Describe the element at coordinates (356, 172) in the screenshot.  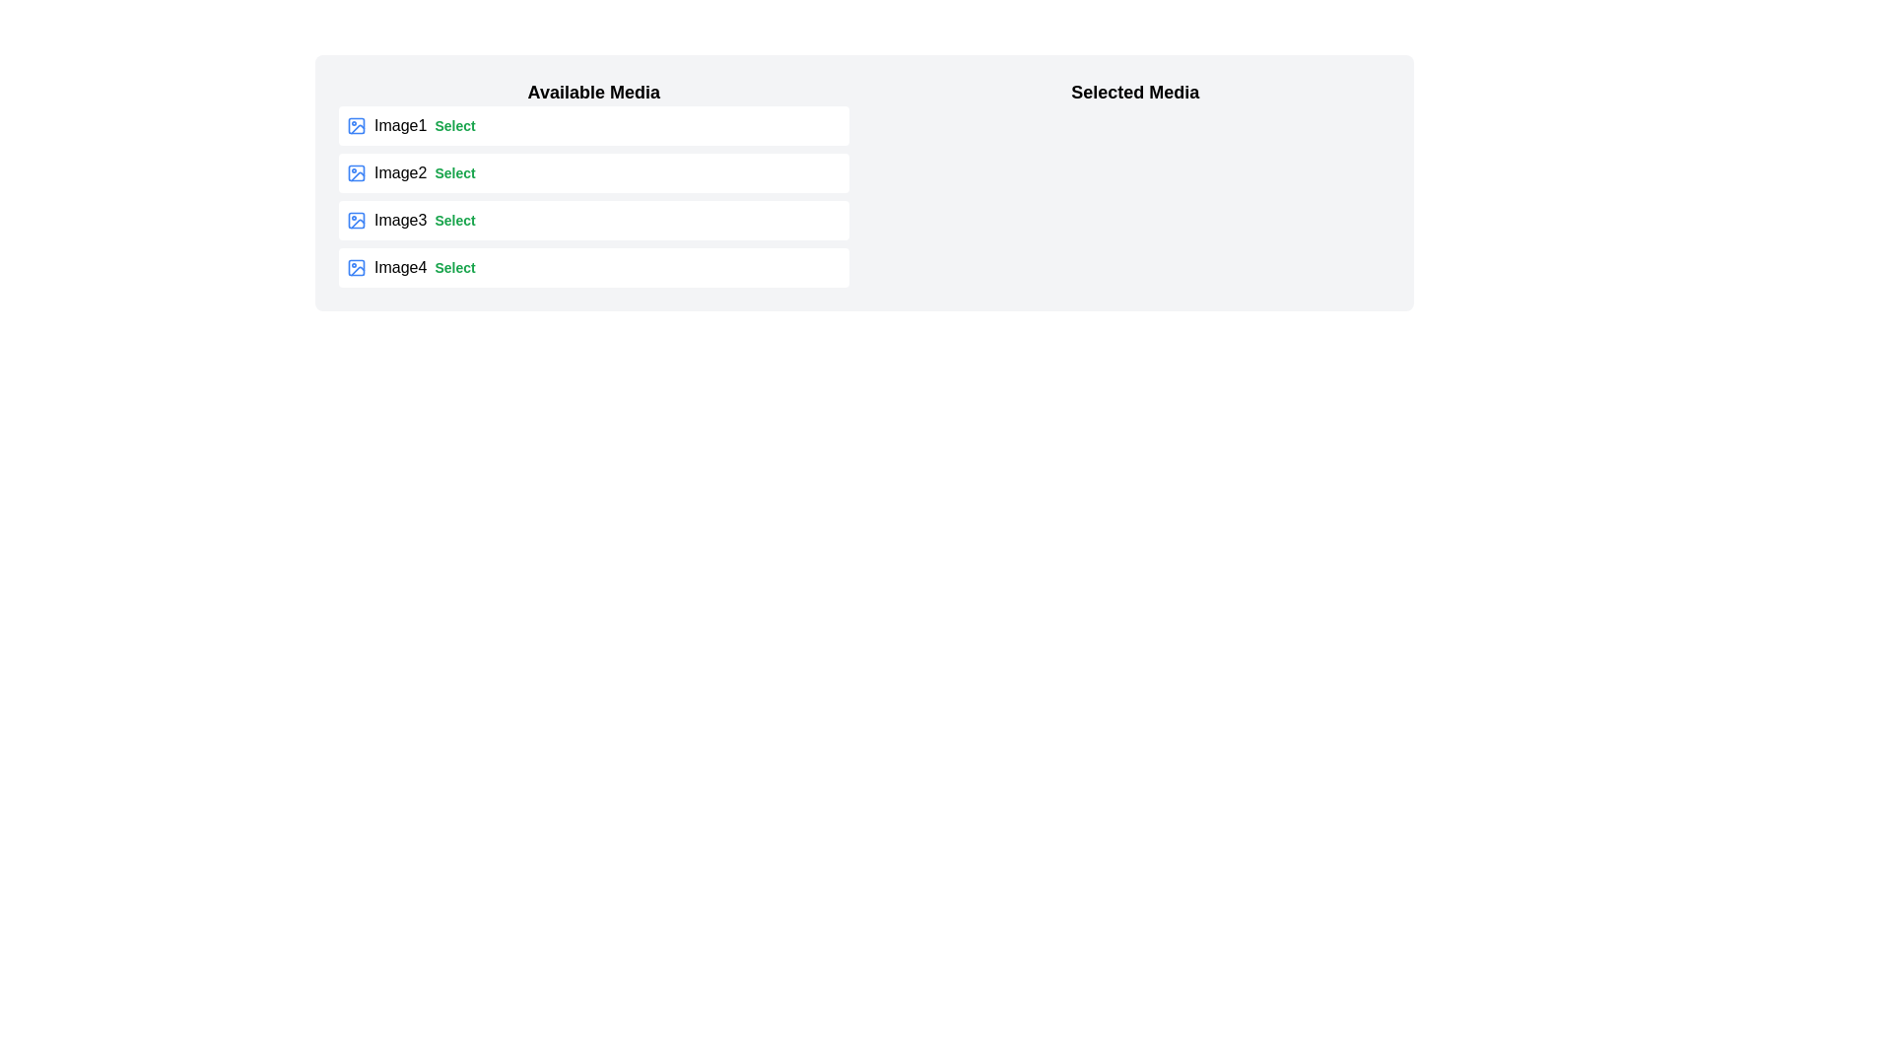
I see `the decorative background shape serving as the background for the image icon in the 'Image2 Select' row under the 'Available Media' column` at that location.